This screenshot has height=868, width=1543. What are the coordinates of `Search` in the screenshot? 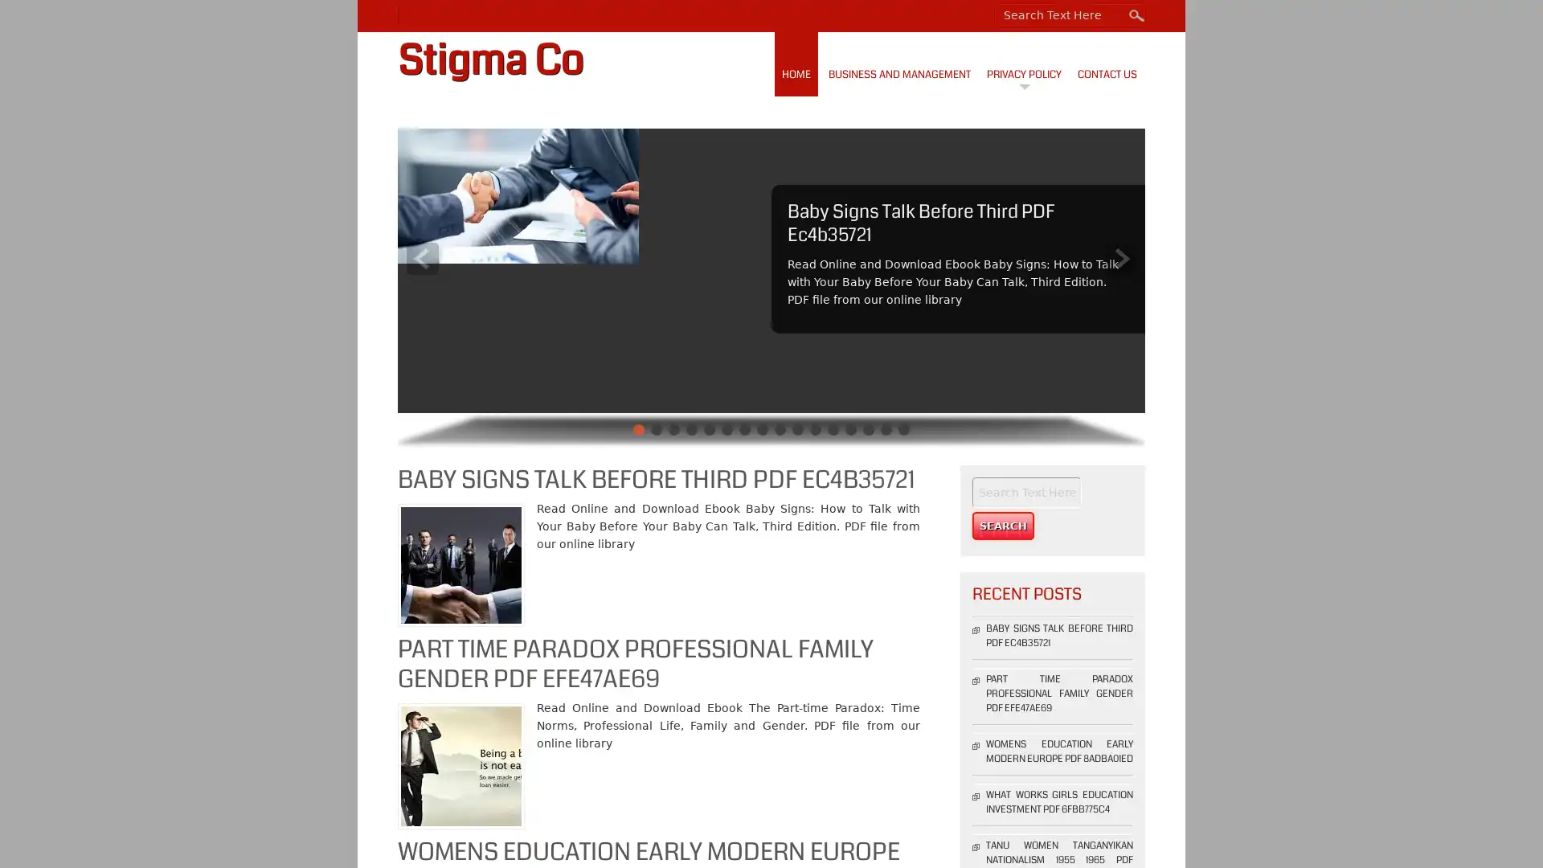 It's located at (1002, 526).